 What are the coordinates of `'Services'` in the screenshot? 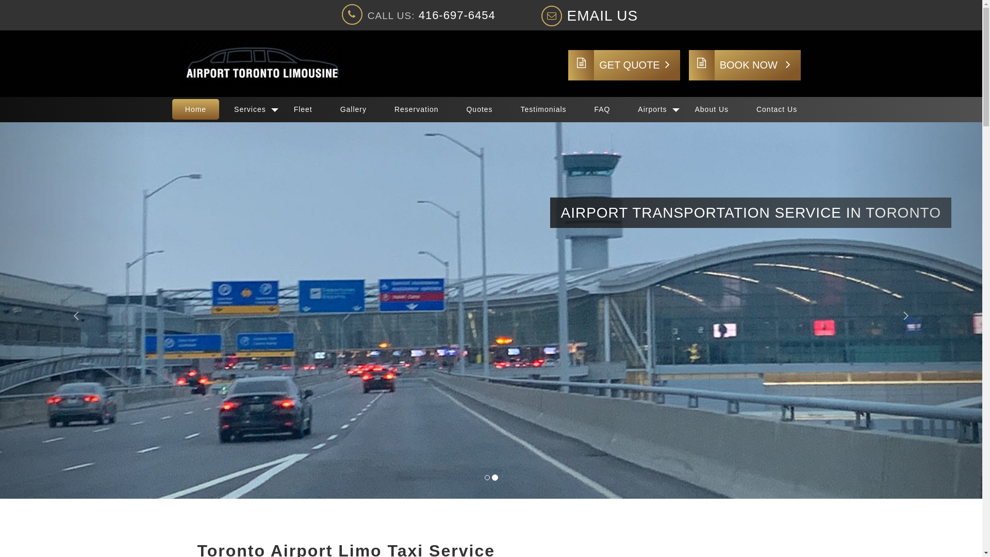 It's located at (220, 109).